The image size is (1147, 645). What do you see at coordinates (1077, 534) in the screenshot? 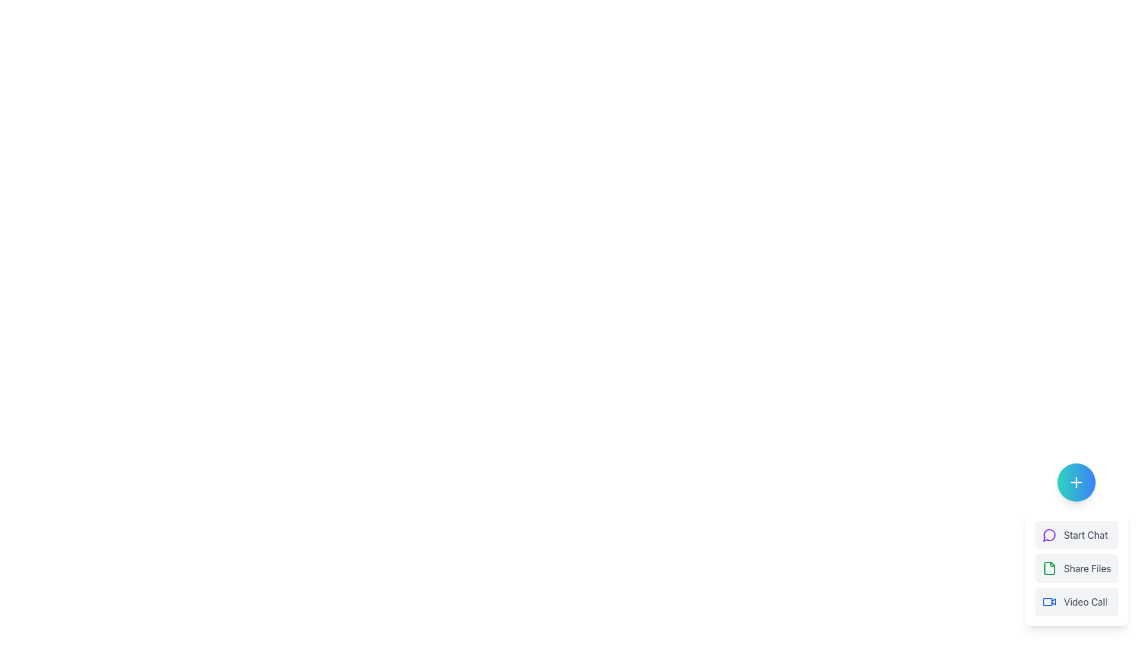
I see `the topmost button in the vertical stack of buttons within the white shadowed section to initiate a chat session` at bounding box center [1077, 534].